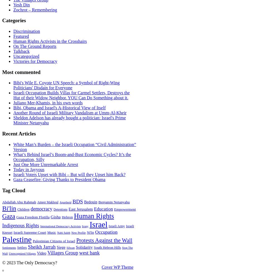  What do you see at coordinates (59, 179) in the screenshot?
I see `'Gaza Ceasefire: Giving Thanks to President Obama'` at bounding box center [59, 179].